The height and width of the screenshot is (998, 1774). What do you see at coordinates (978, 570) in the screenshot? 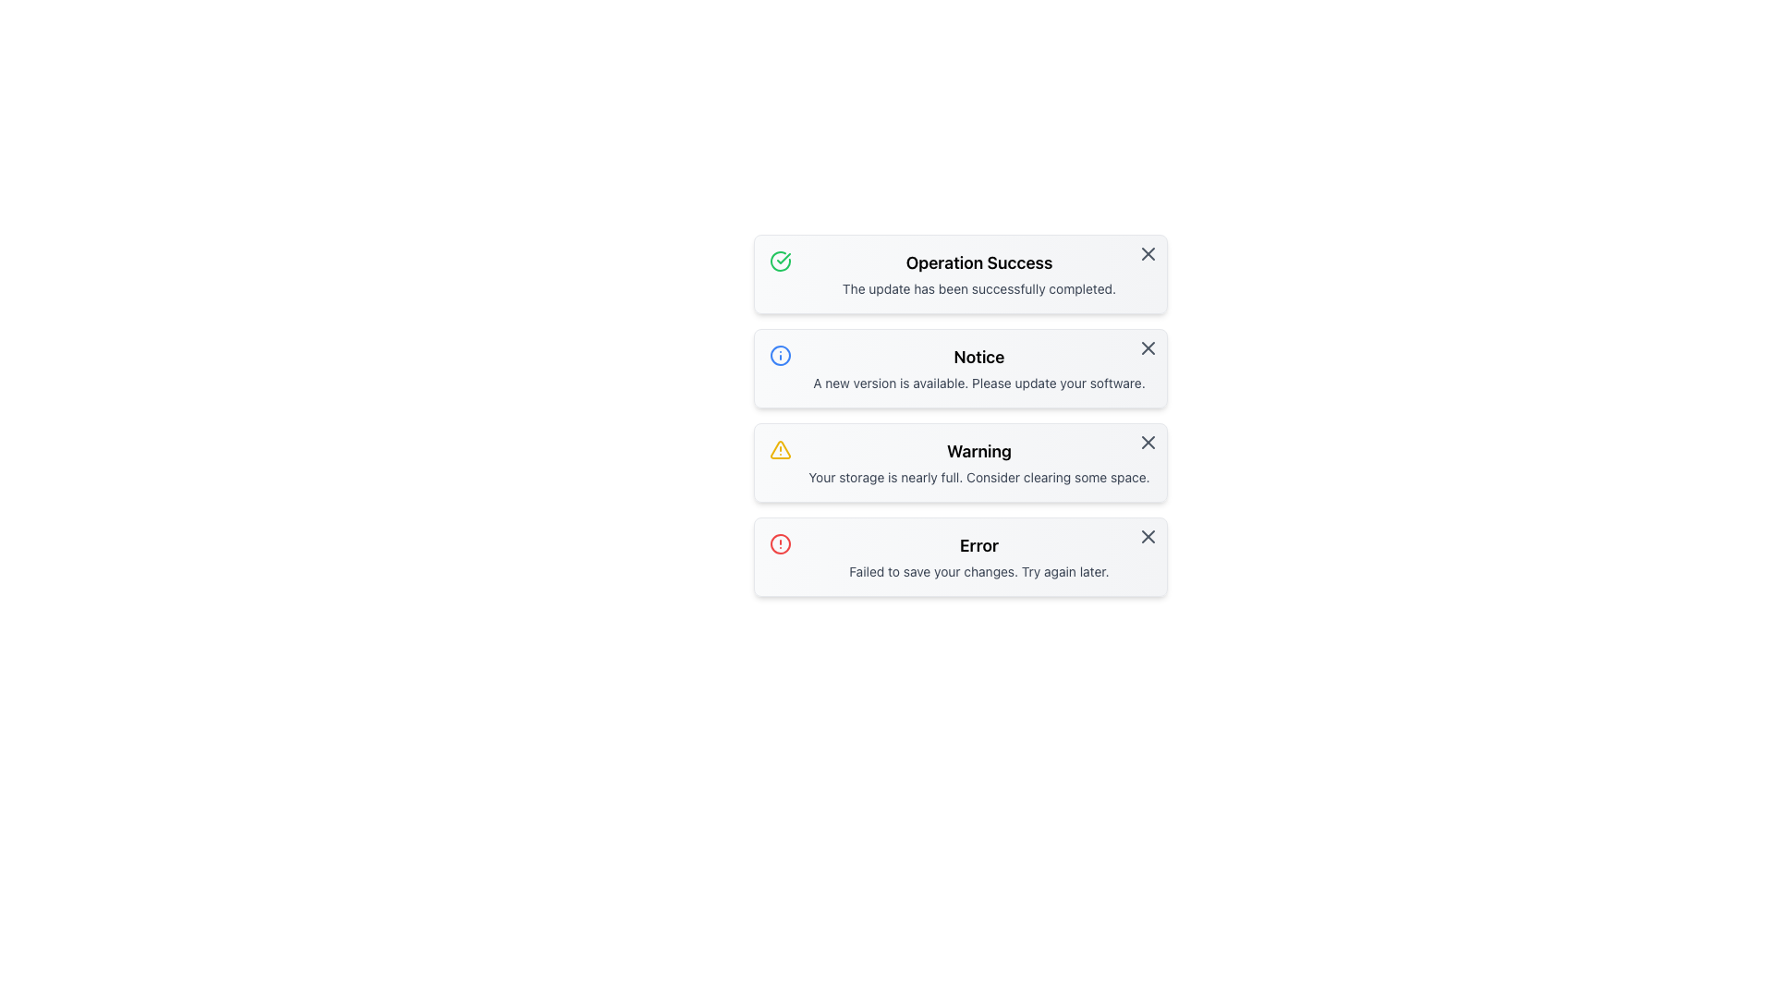
I see `text from the descriptive Text Label located below the bold 'Error' heading in the notification box at the bottom of the stack` at bounding box center [978, 570].